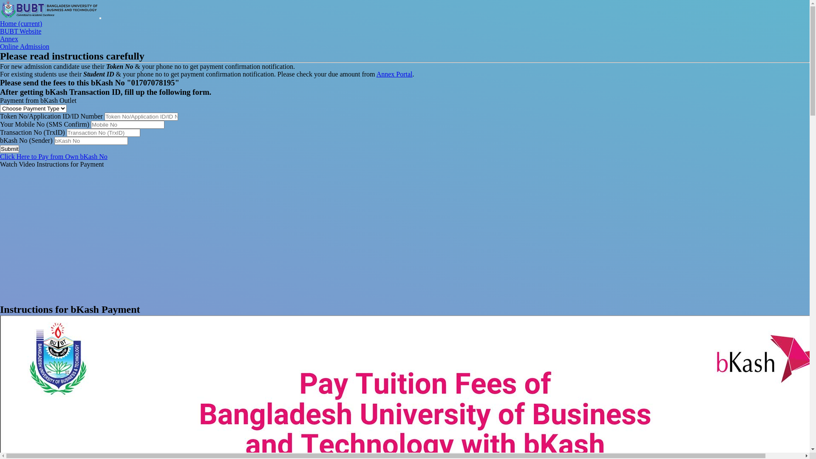  I want to click on 'BUBT Website', so click(0, 31).